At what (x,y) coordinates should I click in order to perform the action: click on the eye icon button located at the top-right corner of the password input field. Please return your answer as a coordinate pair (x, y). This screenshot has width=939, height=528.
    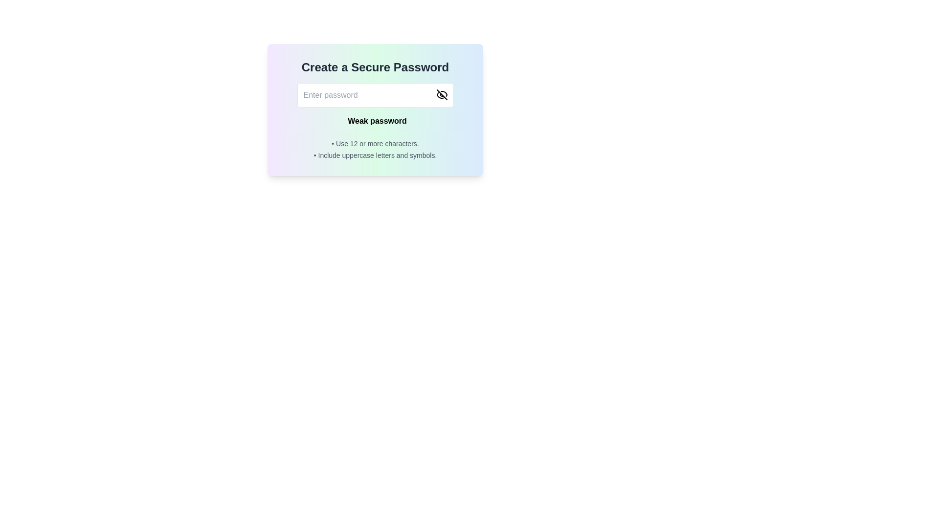
    Looking at the image, I should click on (441, 94).